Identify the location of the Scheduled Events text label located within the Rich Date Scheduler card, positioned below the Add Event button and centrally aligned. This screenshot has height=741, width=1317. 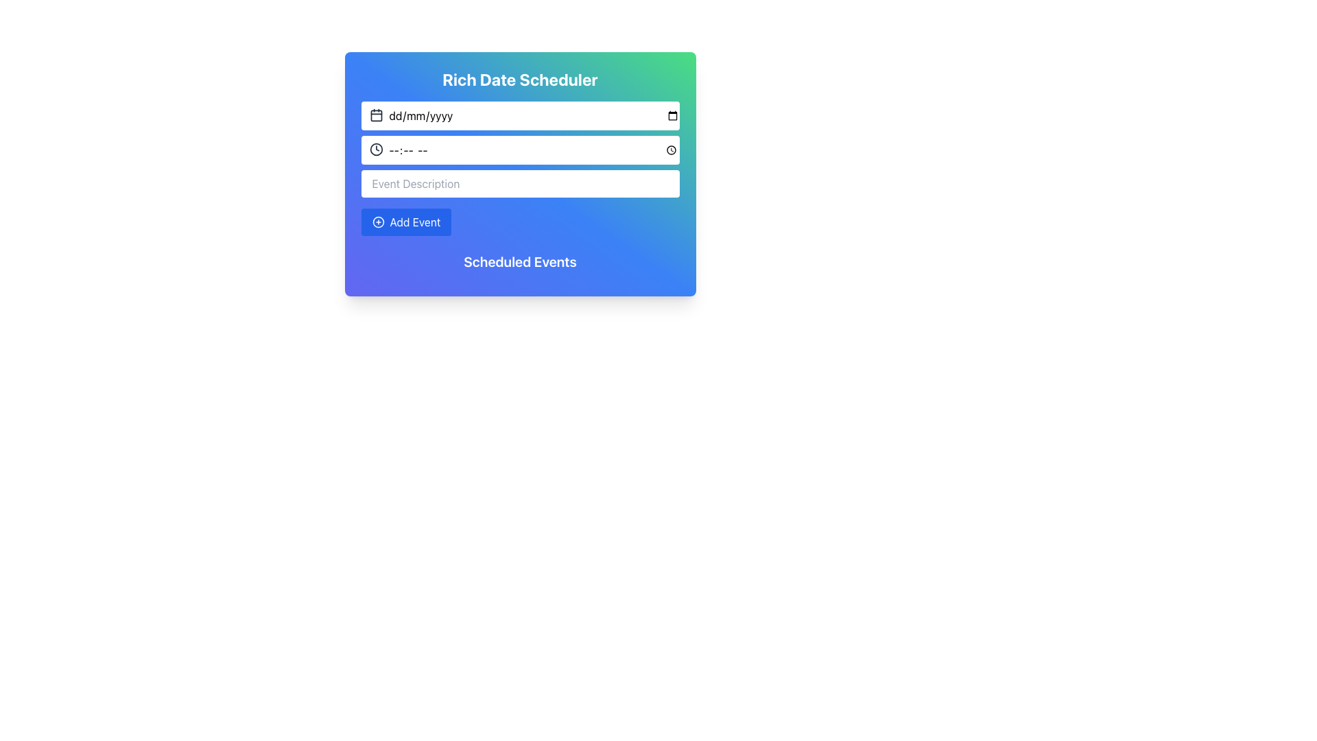
(519, 261).